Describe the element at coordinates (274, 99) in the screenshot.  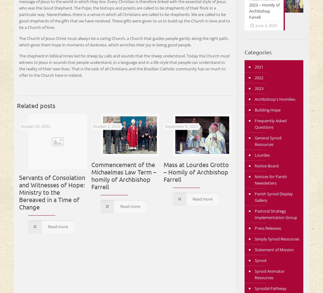
I see `'Archbishop's Homilies'` at that location.